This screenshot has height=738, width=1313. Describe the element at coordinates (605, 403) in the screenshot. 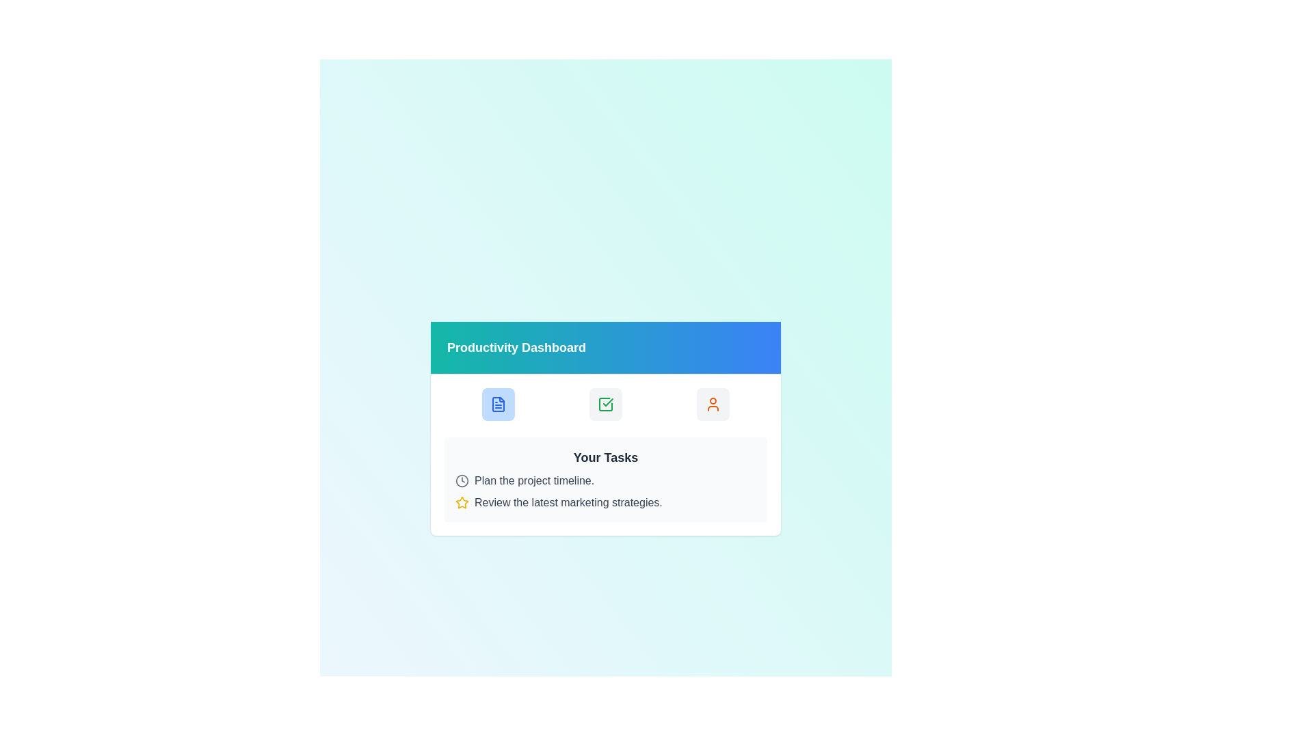

I see `the central square-shaped button with a light gray background and a green checkmark icon to observe the hover effect` at that location.